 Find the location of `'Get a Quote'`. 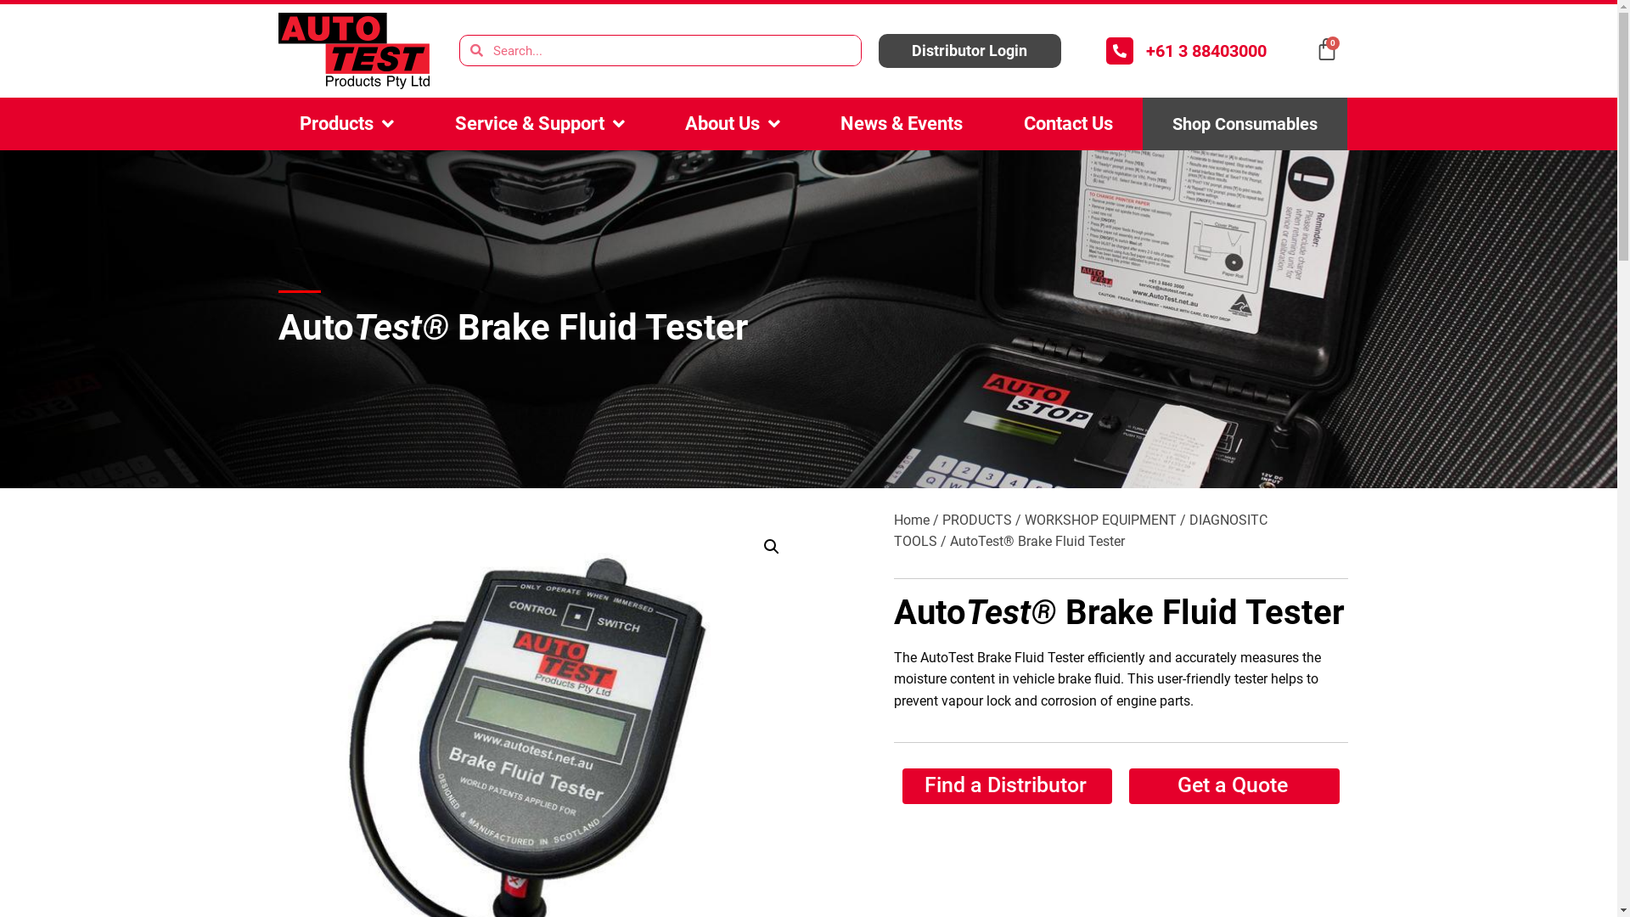

'Get a Quote' is located at coordinates (1128, 785).